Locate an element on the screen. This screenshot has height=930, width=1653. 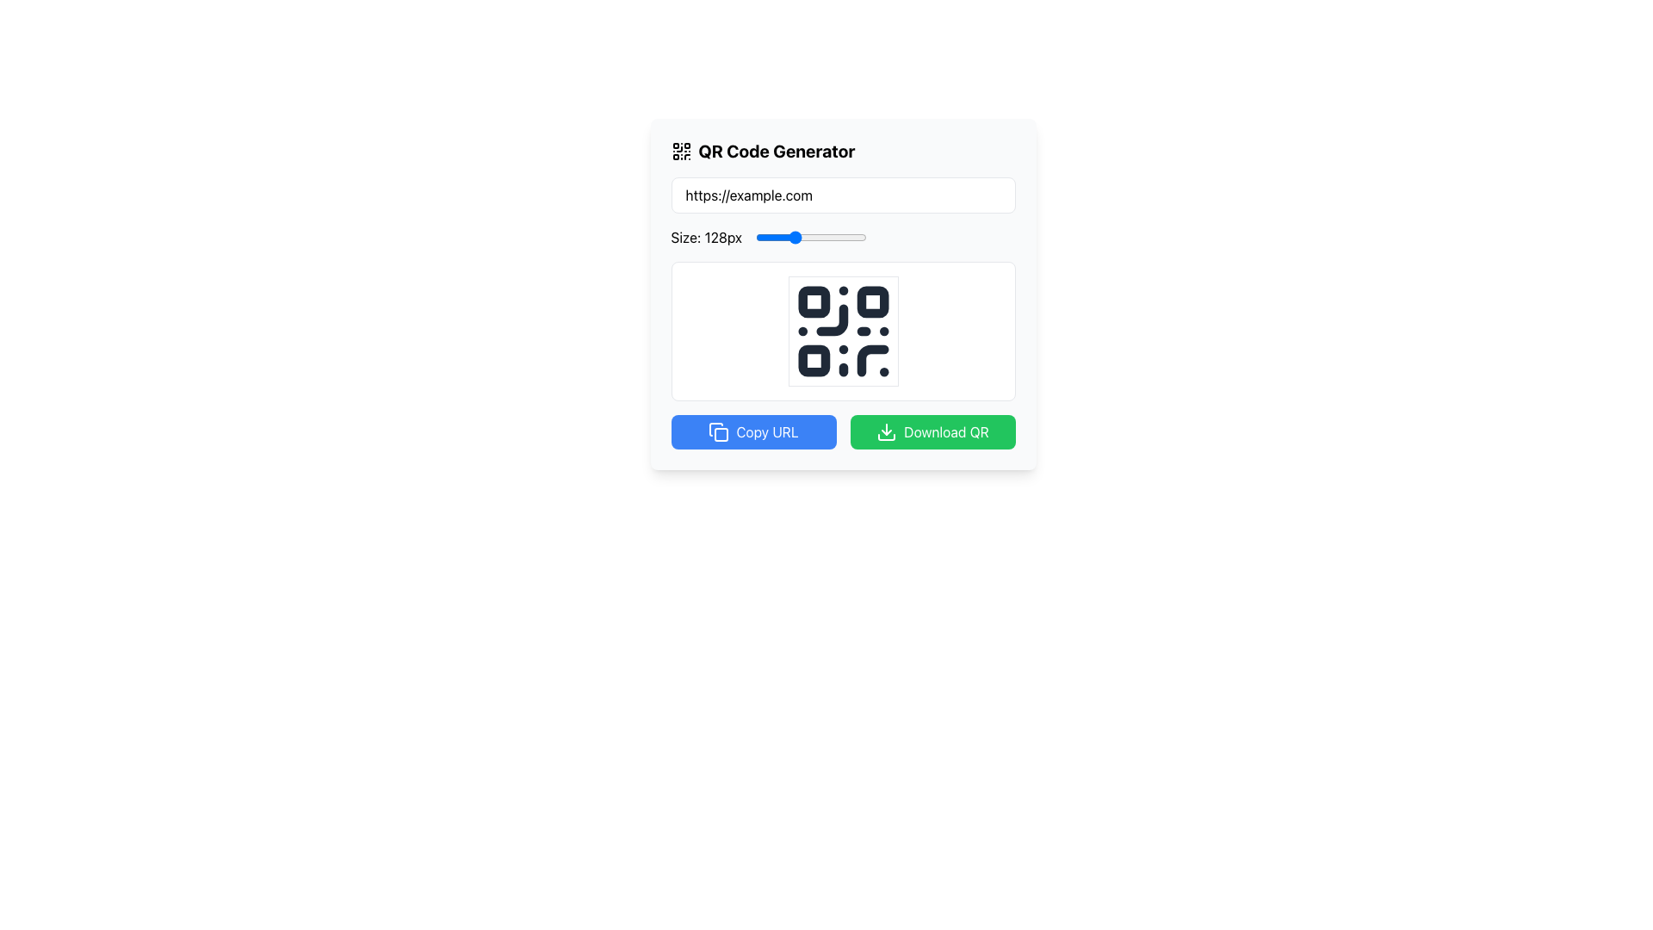
the copy icon element, which is a filled geometric shape with rounded corners located at the lower left section of the interface is located at coordinates (716, 428).